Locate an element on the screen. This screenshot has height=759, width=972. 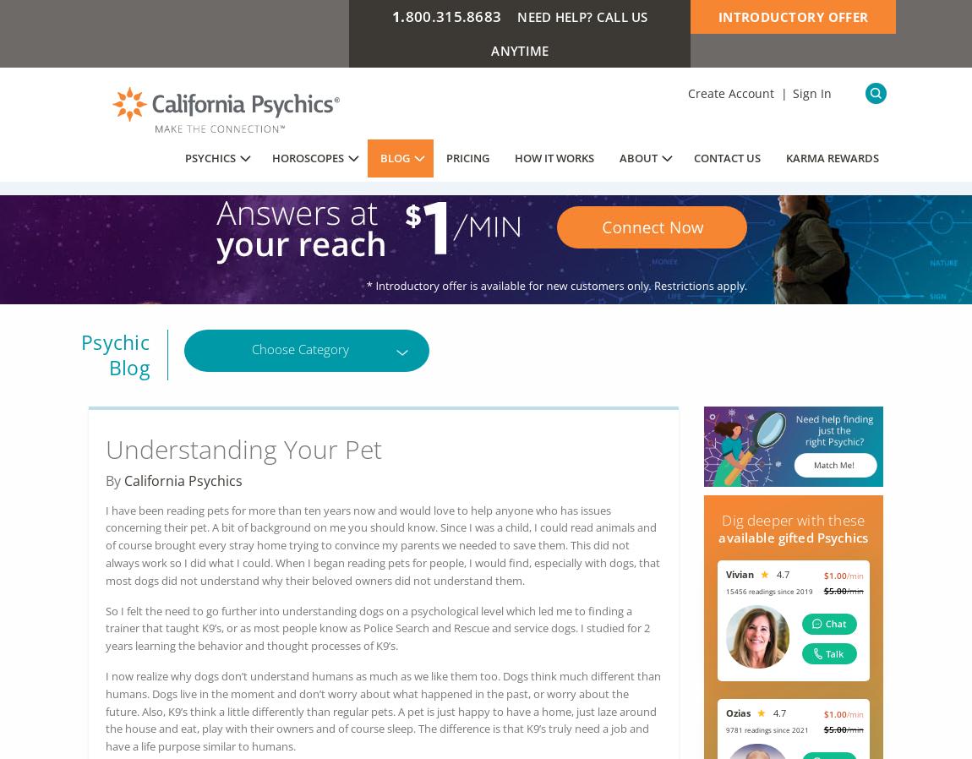
'So I felt the need to go further into understanding dogs on a psychological level which led me to finding a trainer that taught K9’s, or as most people know as Police Search and Rescue and service dogs. I studied for 2 years learning the behavior and thought processes of K9’s.' is located at coordinates (378, 628).